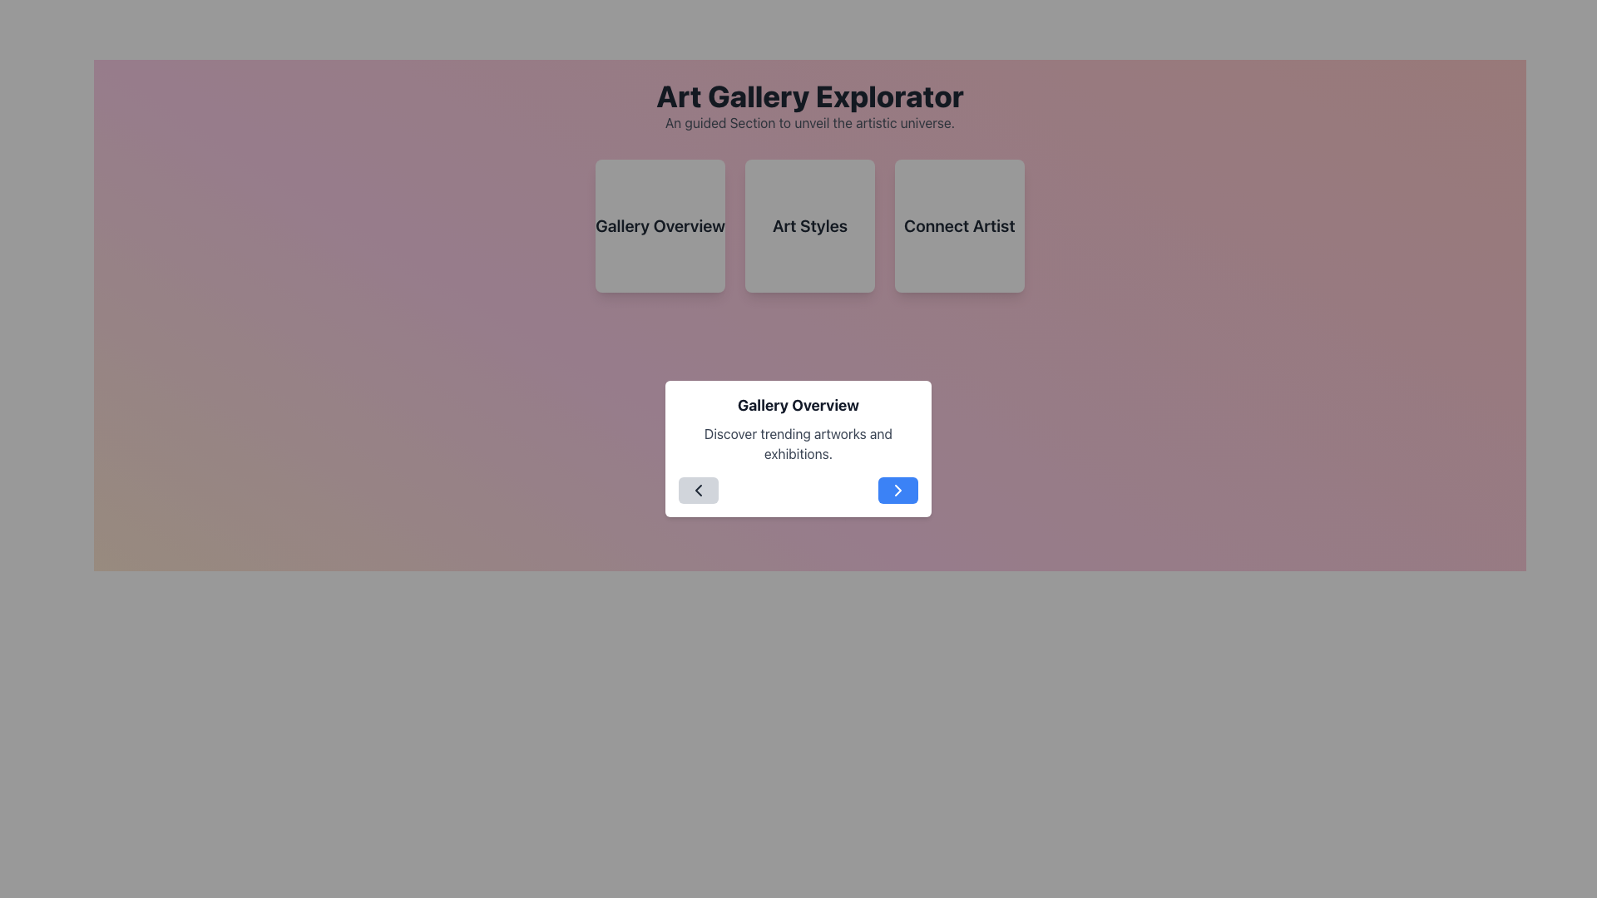 The height and width of the screenshot is (898, 1597). I want to click on the static text element located directly beneath the bold heading 'Art Gallery Explorator', which provides additional context for the page, so click(810, 121).